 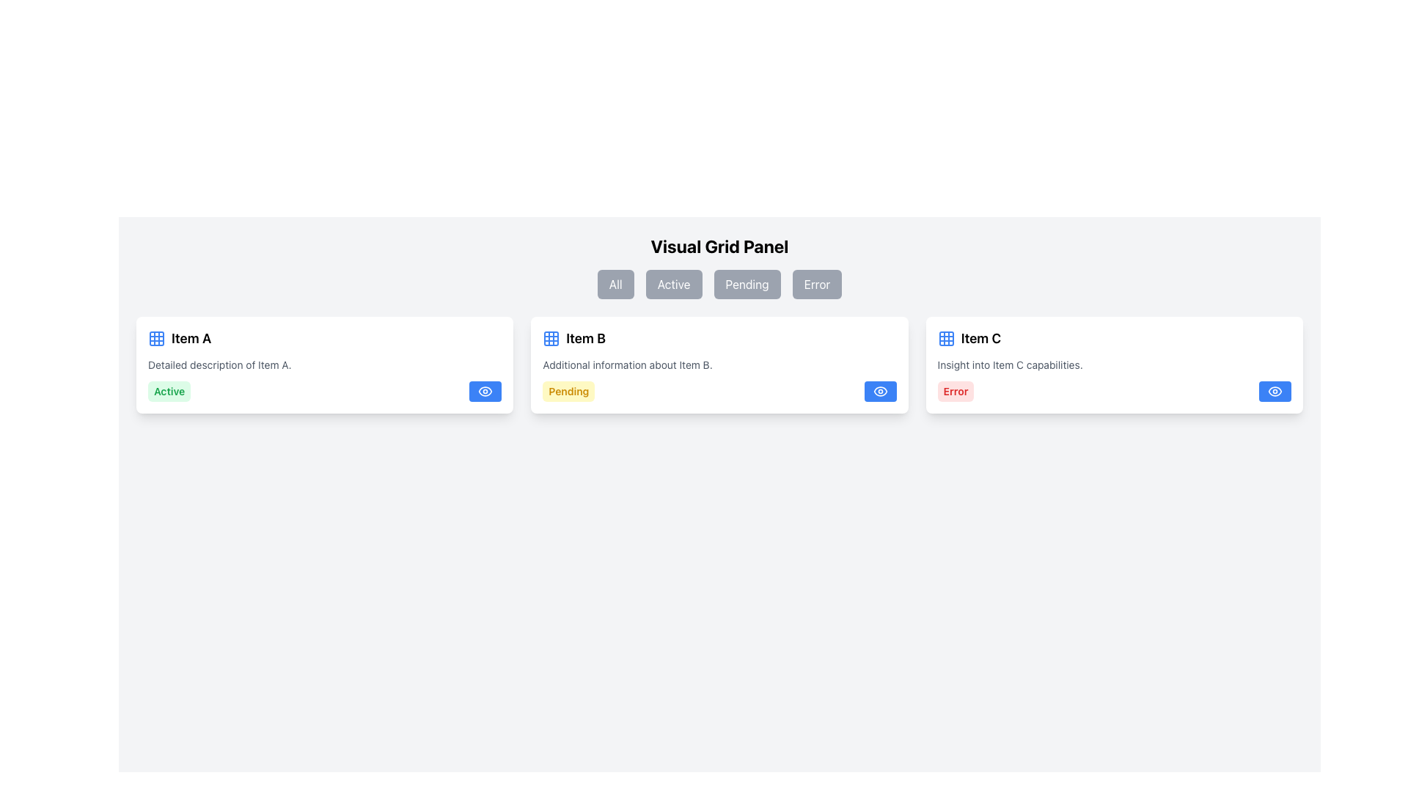 I want to click on the text label displaying 'Item C', which is styled in bold and located in a horizontally arranged layout, positioned as the third item next to 'Item A' and 'Item B', so click(x=980, y=339).